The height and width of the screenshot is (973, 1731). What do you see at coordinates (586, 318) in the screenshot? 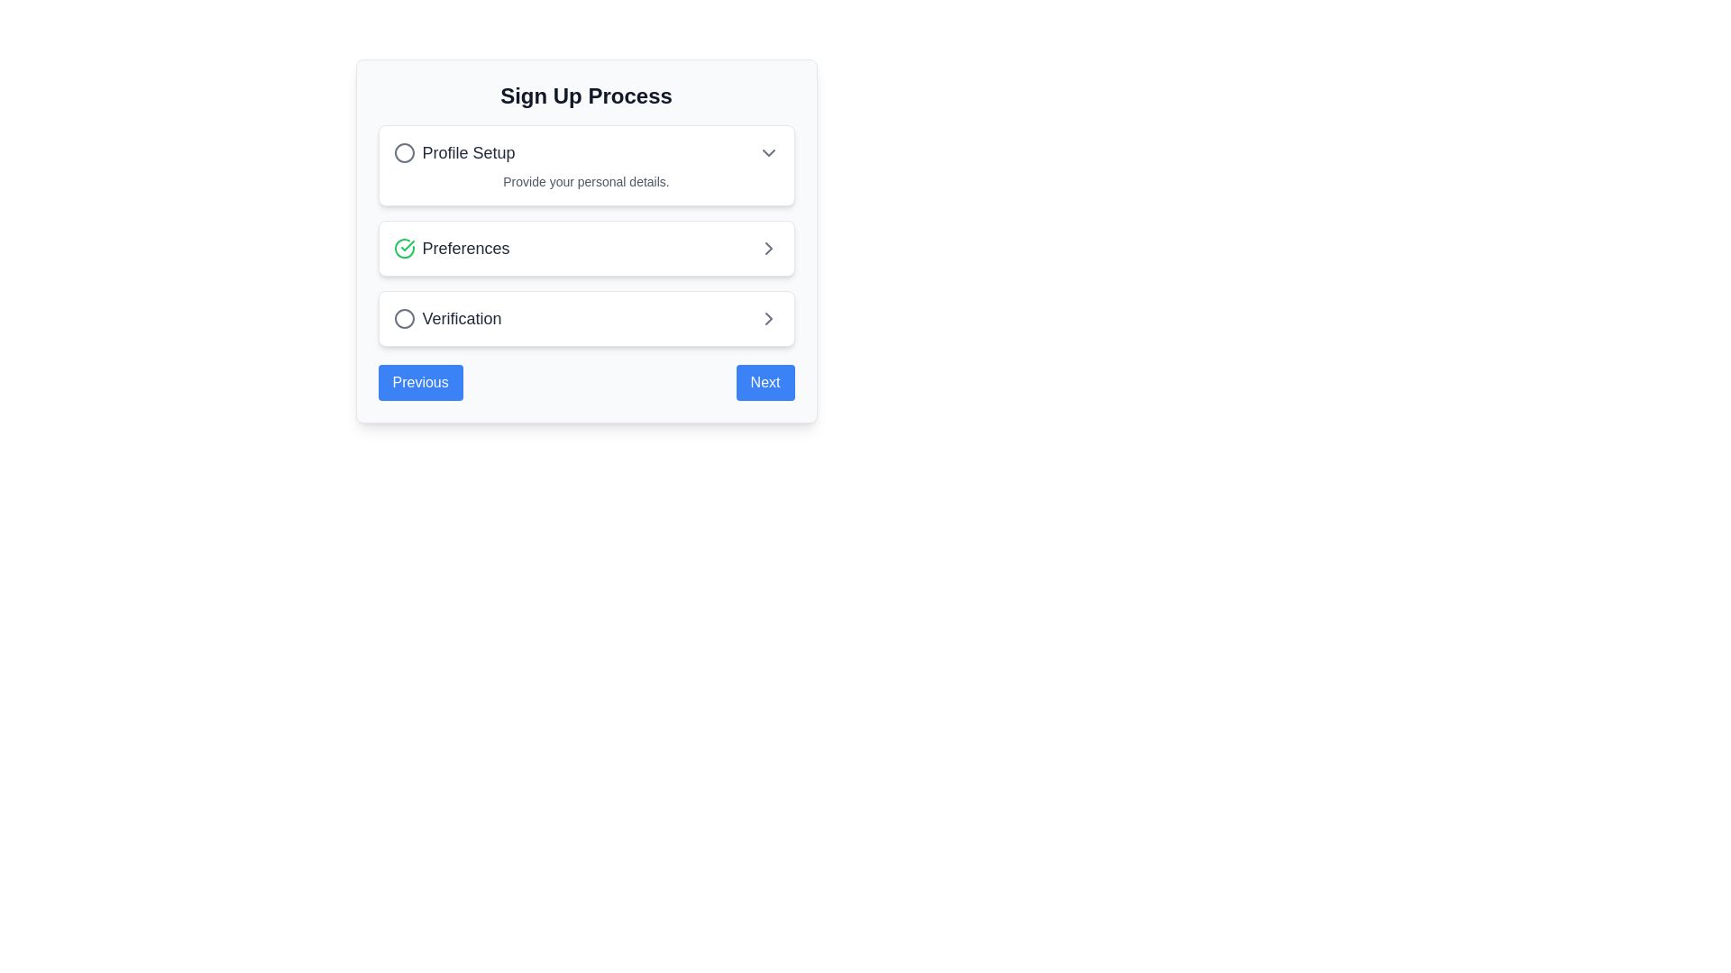
I see `the third selectable list item` at bounding box center [586, 318].